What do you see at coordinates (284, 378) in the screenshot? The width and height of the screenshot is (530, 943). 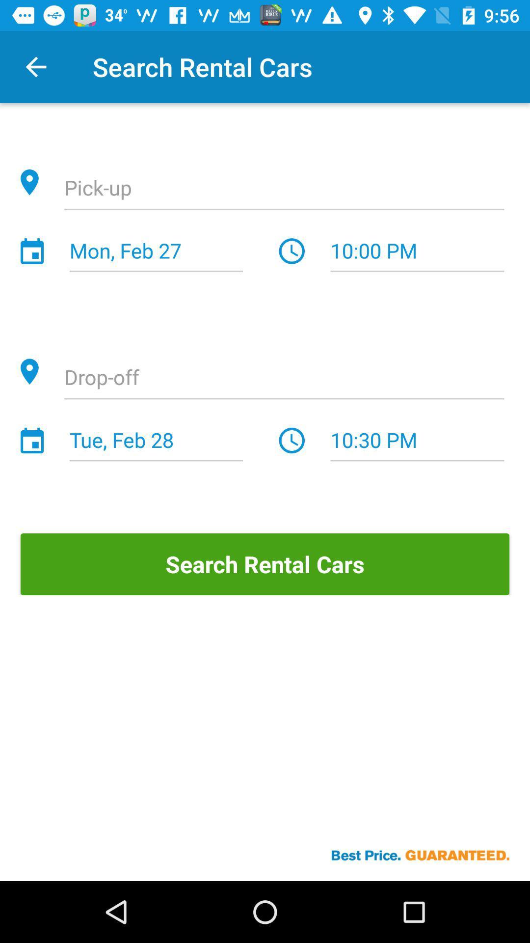 I see `set a time to drop off your rental car` at bounding box center [284, 378].